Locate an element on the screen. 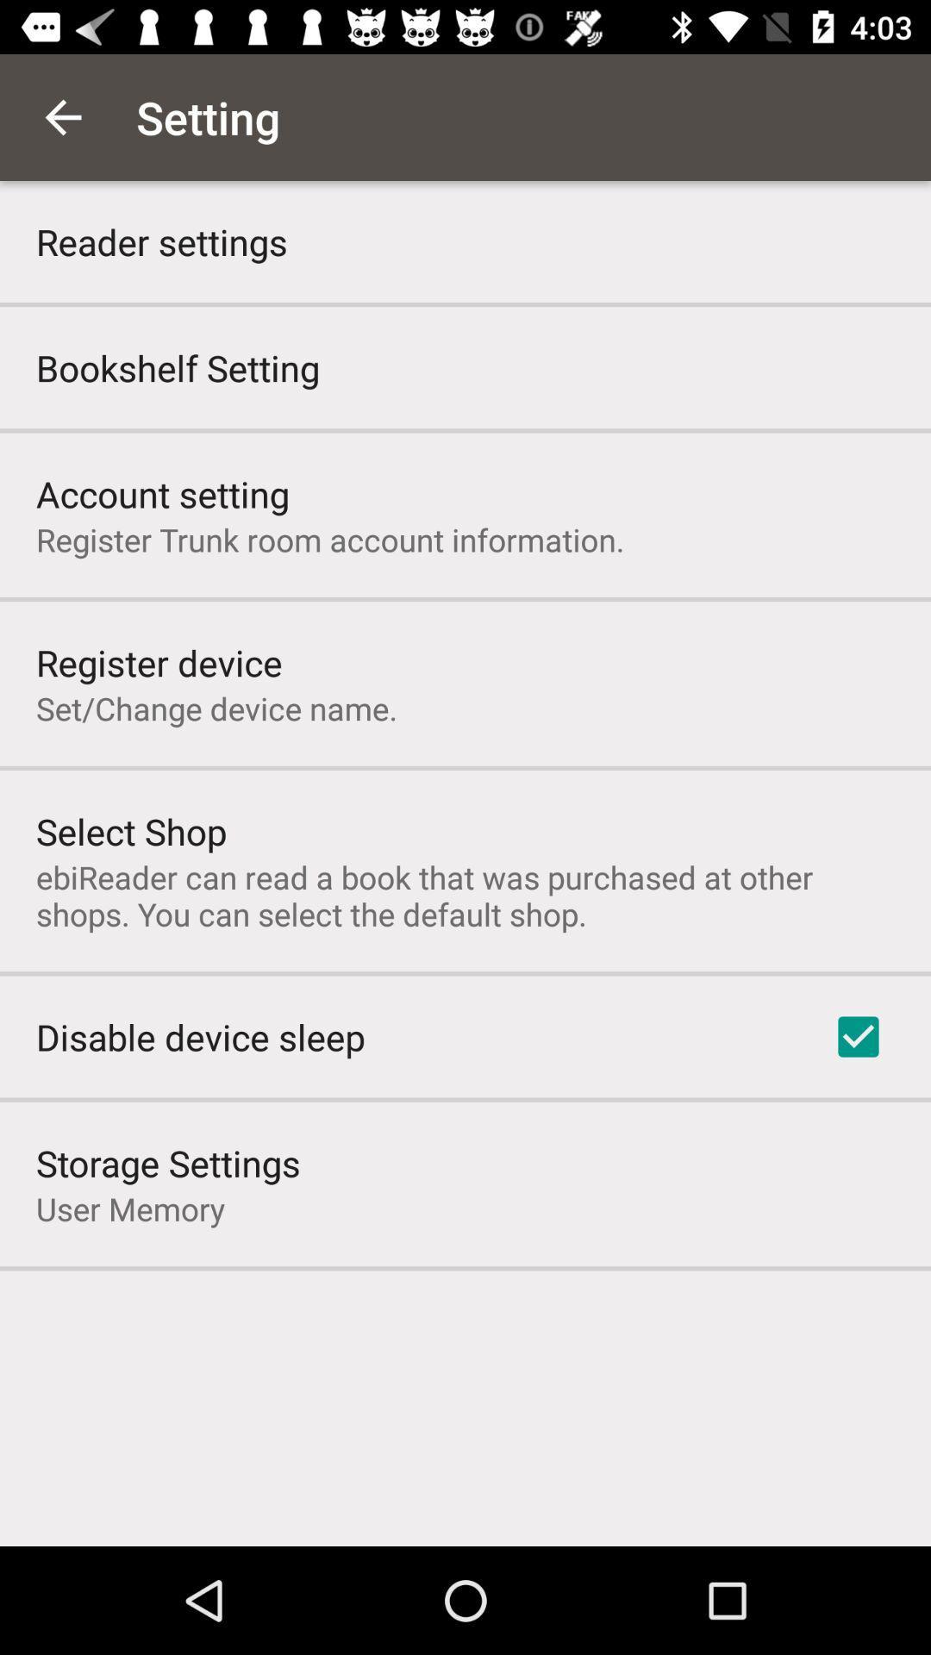  item above the register trunk room icon is located at coordinates (163, 492).